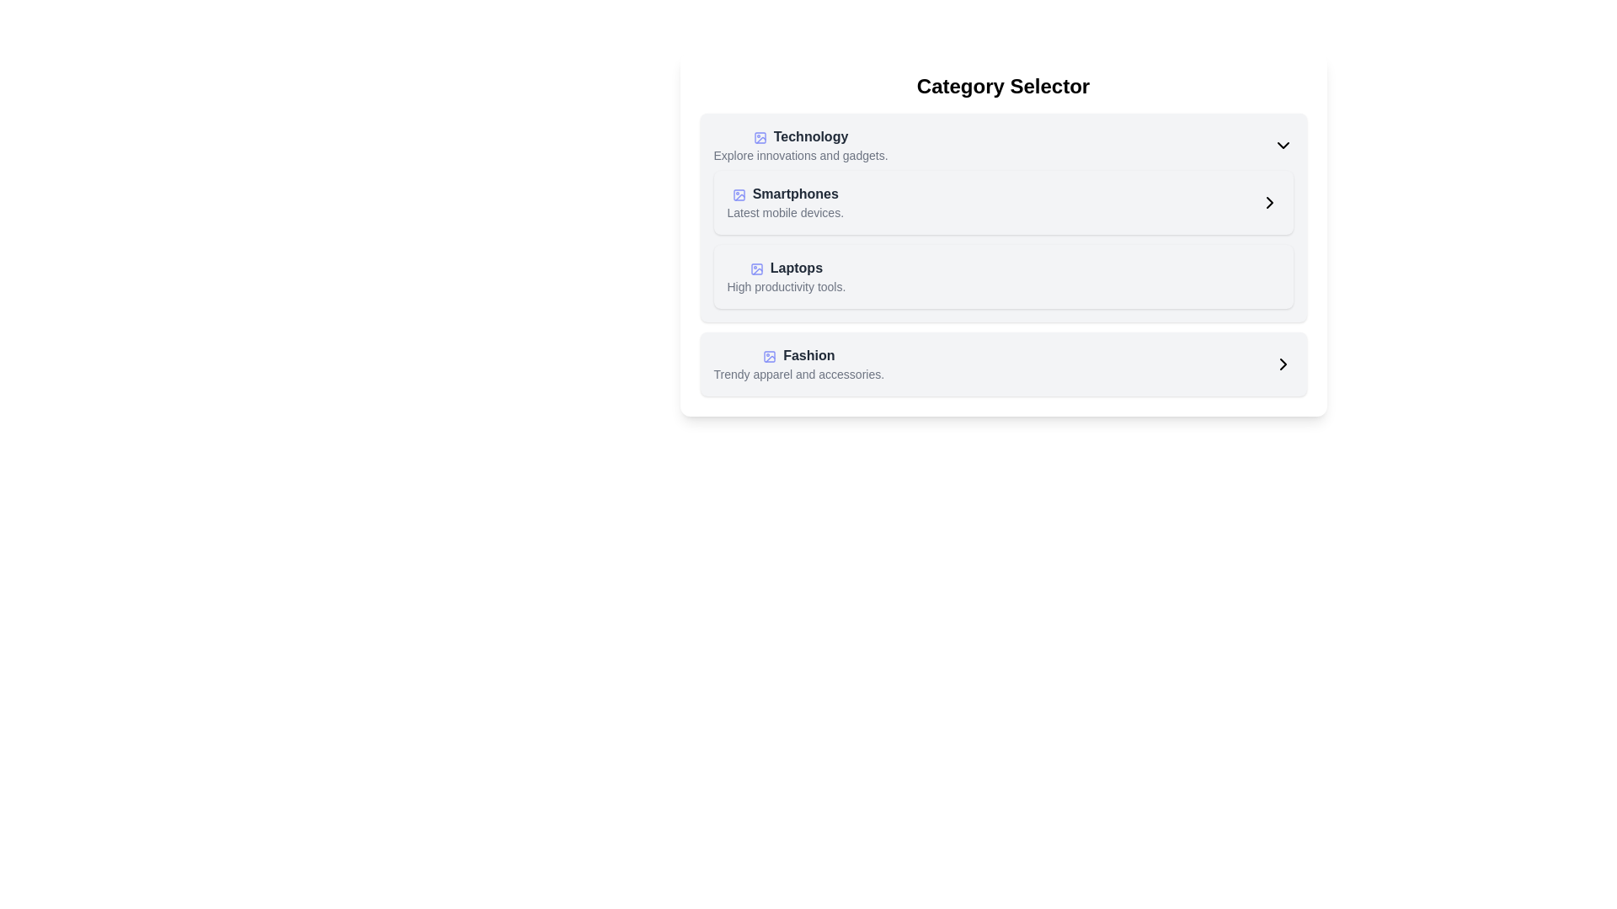 This screenshot has width=1617, height=909. I want to click on the rightward-pointing arrow icon located at the top right corner of the 'Smartphones' section, so click(1269, 201).